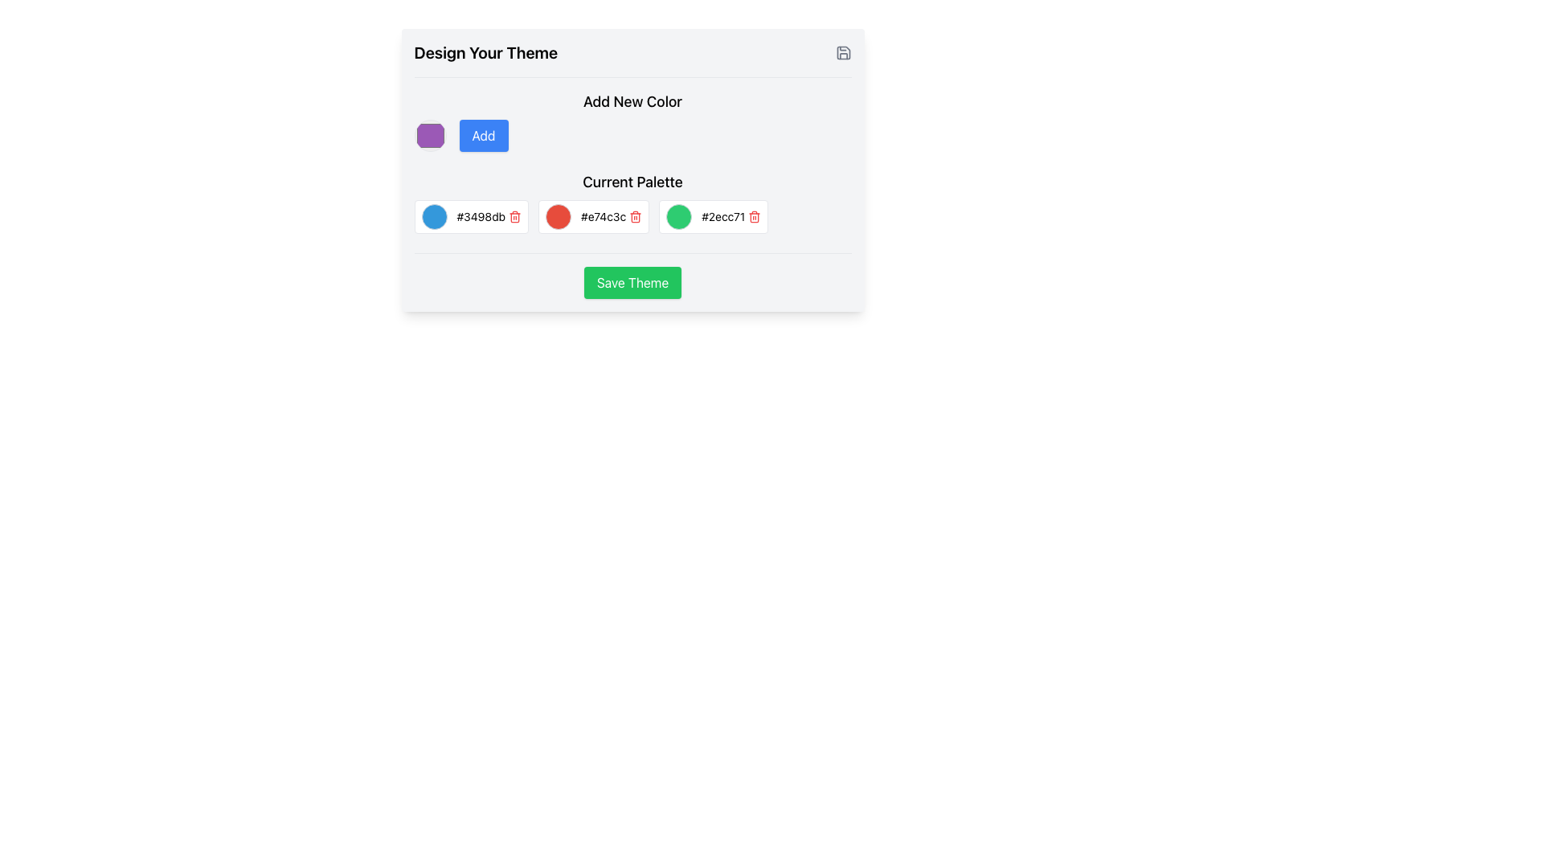  What do you see at coordinates (632, 135) in the screenshot?
I see `the rounded purple color button located to the left of the blue 'Add' button within the 'Add New Color' interface` at bounding box center [632, 135].